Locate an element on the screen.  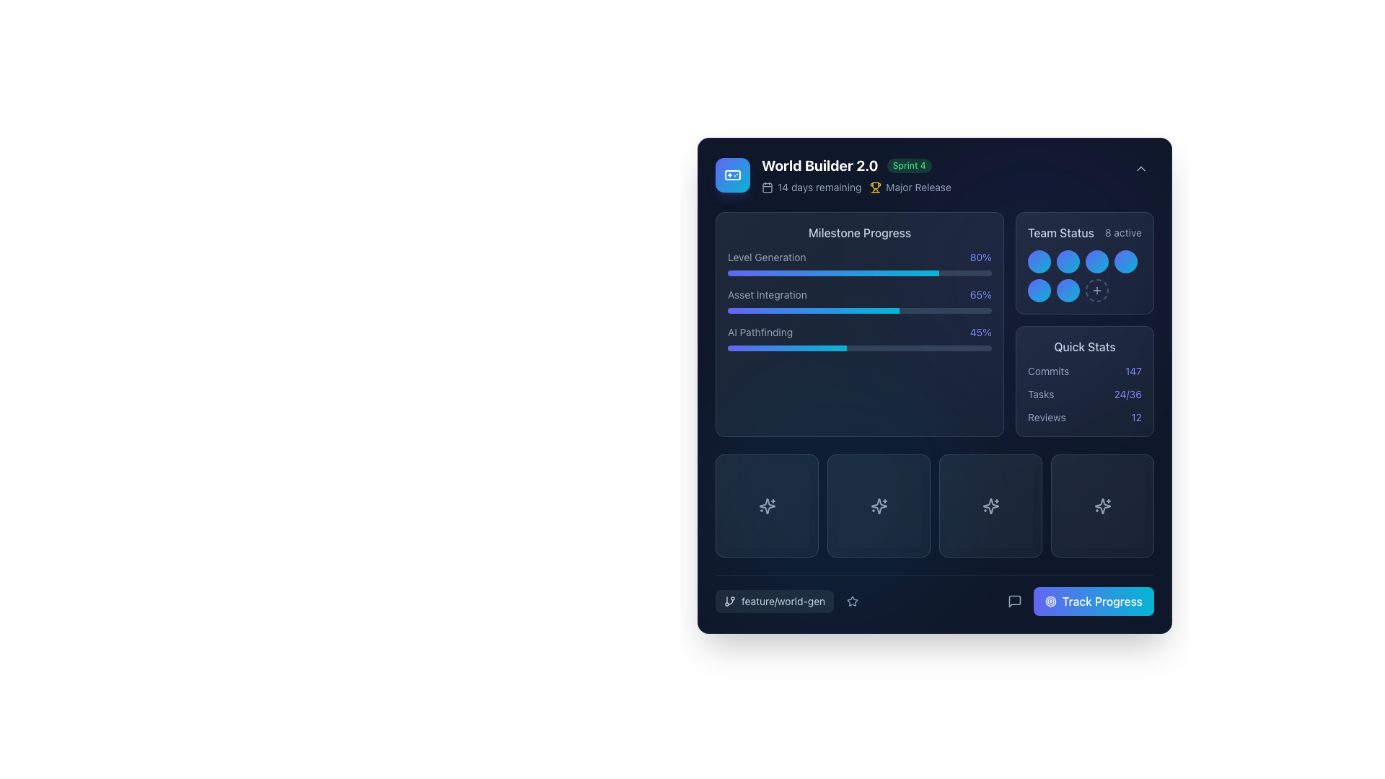
the speech bubble icon located at the bottom-right corner of the interface, slightly to the left of the 'Track Progress' button is located at coordinates (1014, 601).